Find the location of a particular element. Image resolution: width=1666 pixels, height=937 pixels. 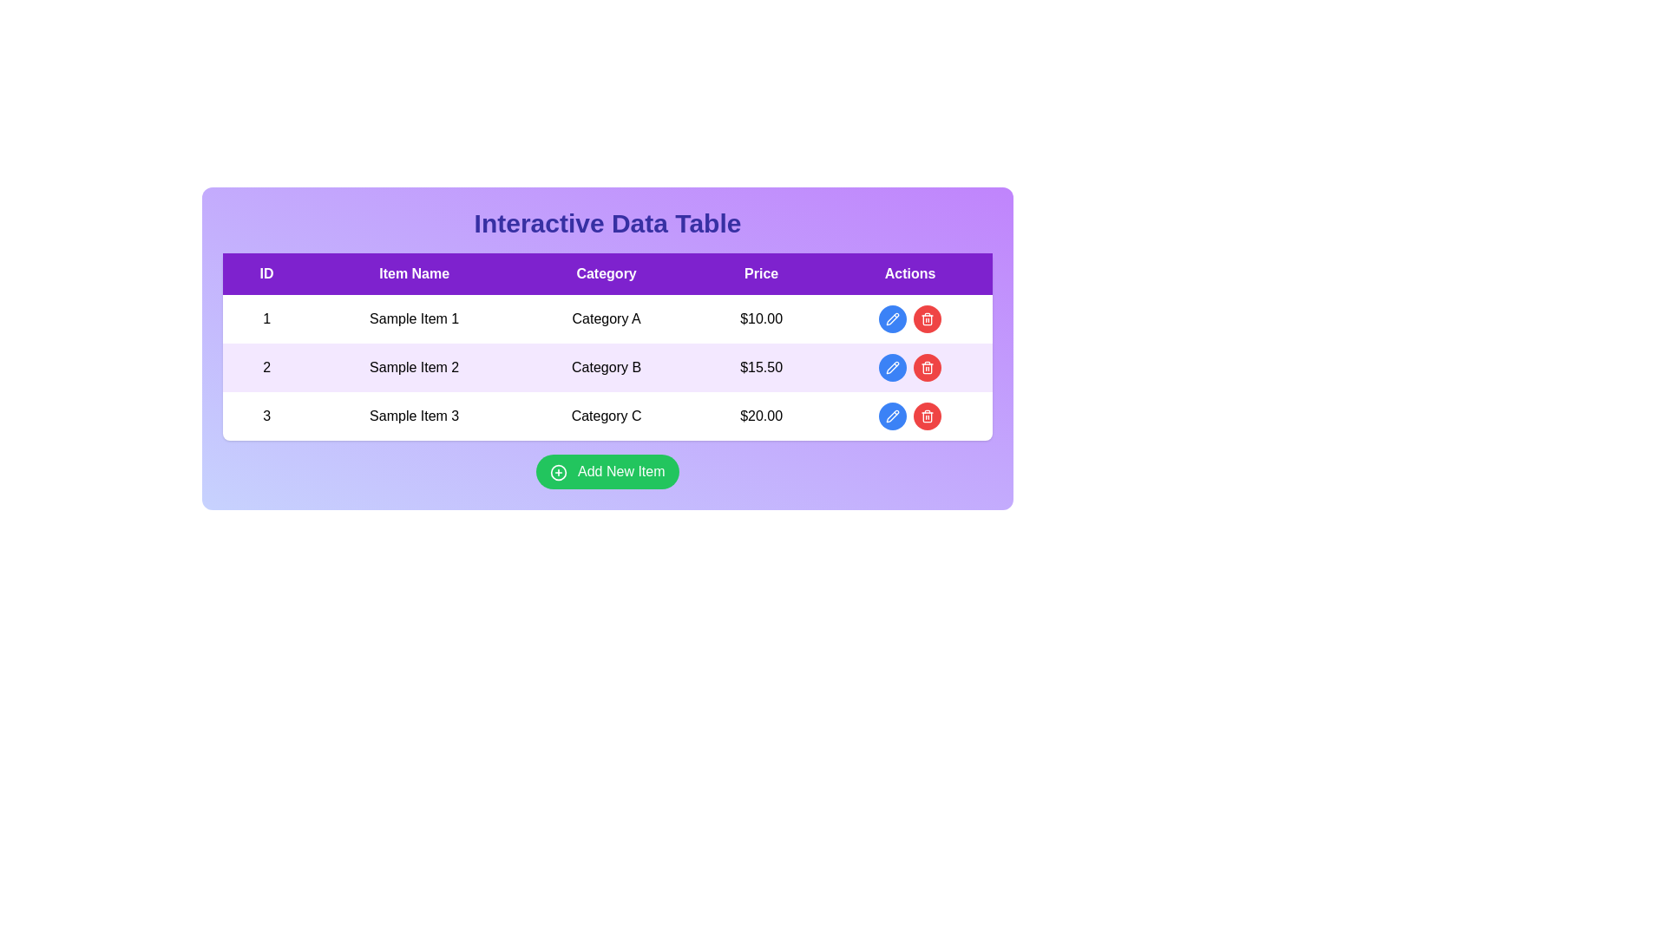

the price table cell located in the fourth column of the second row, which is under the header 'Price' is located at coordinates (761, 367).